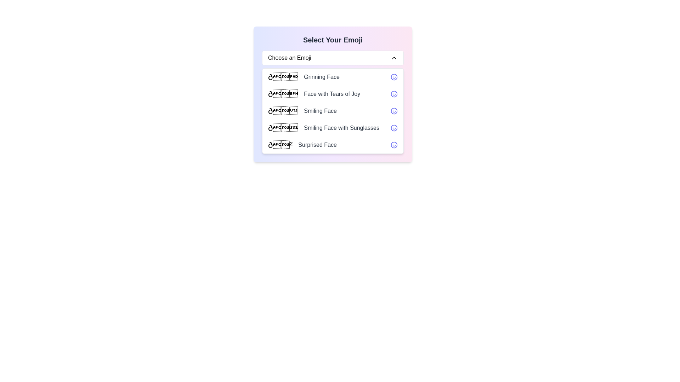 Image resolution: width=680 pixels, height=382 pixels. I want to click on the circular smiley face icon with a blue outline, representing the 'Face with Tears of Joy' emoji, located on the far right side of the dropdown component, so click(394, 94).